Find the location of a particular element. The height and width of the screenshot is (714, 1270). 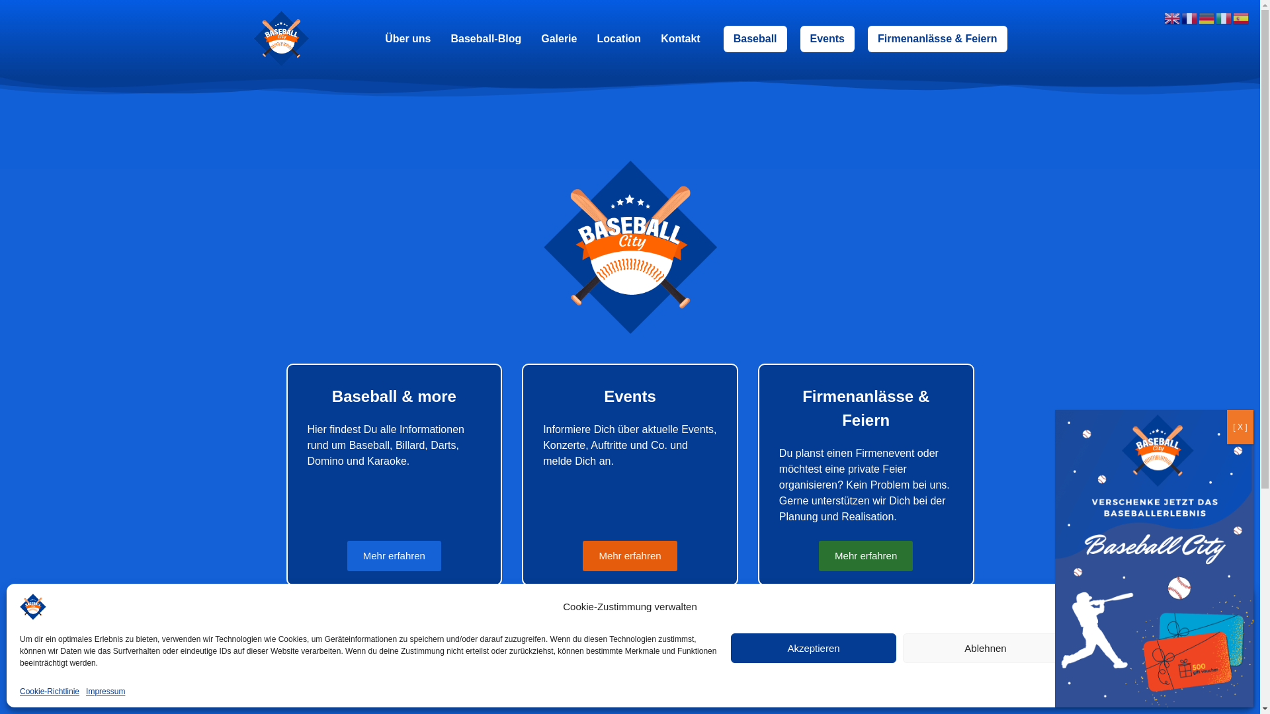

'French' is located at coordinates (1190, 17).